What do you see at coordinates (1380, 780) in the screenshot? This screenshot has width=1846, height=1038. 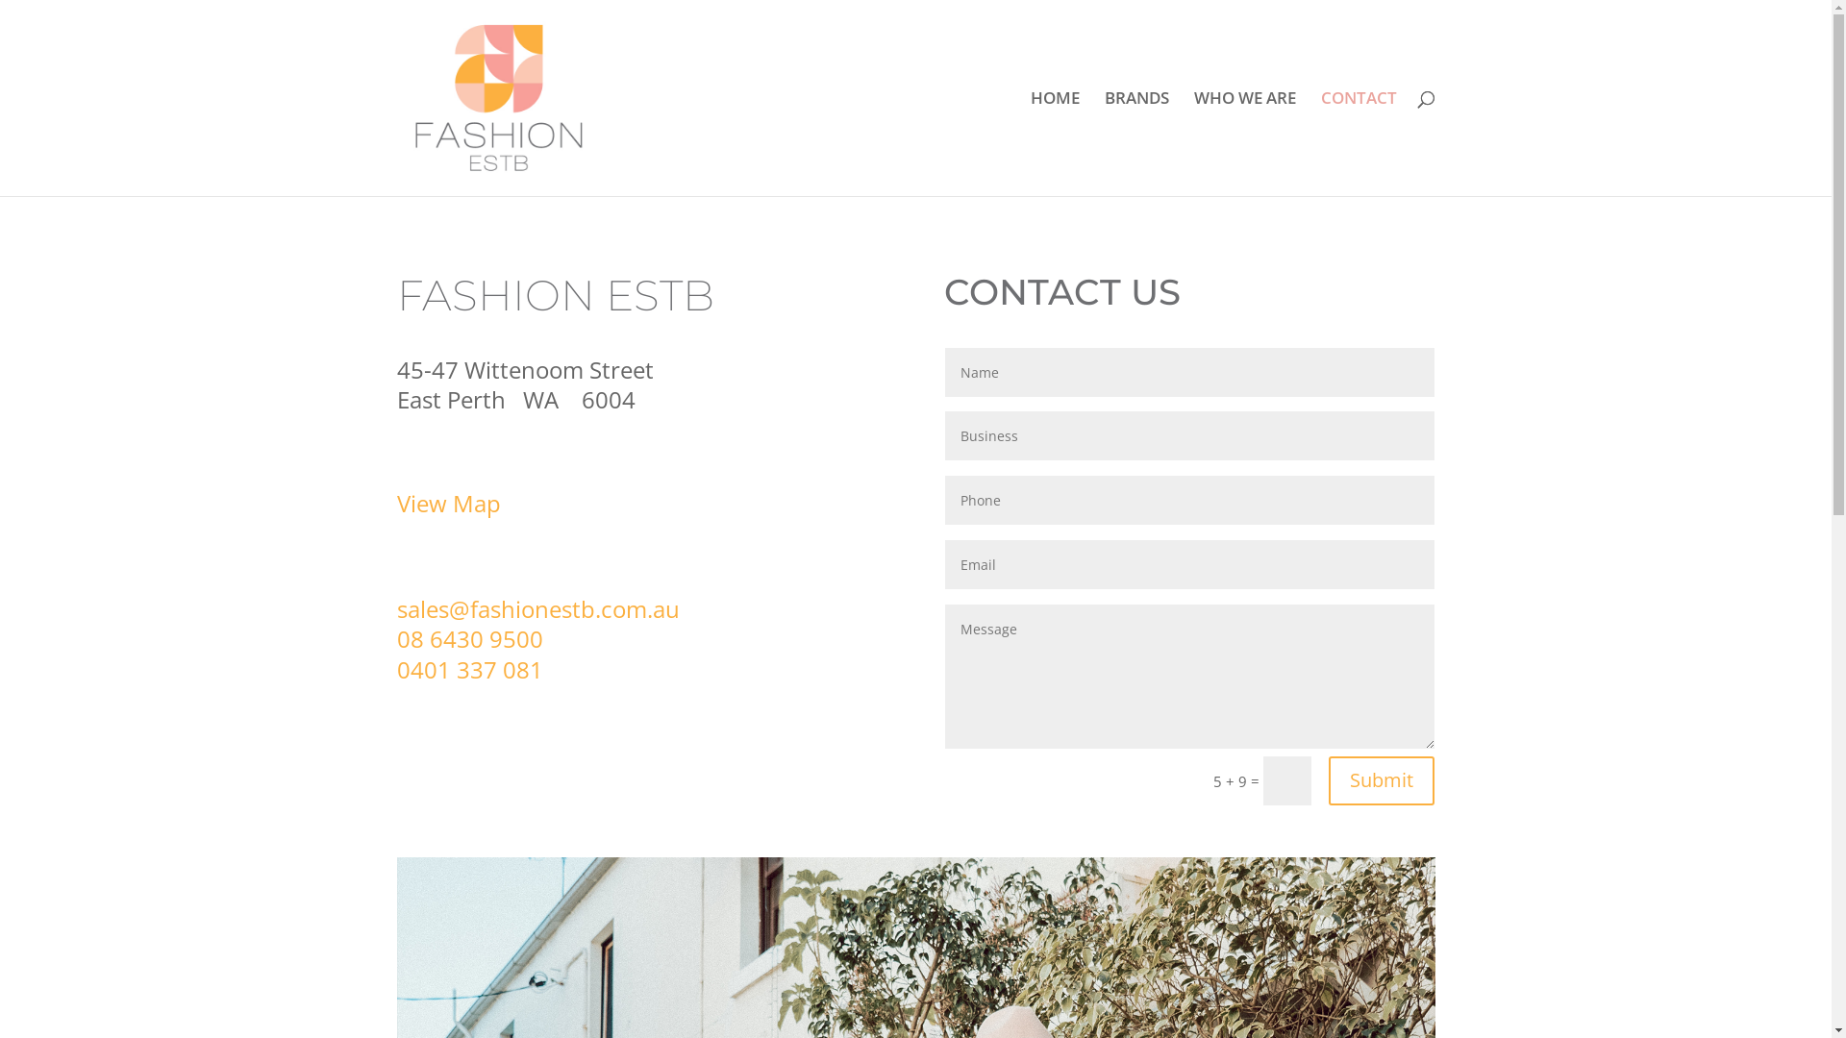 I see `'Submit'` at bounding box center [1380, 780].